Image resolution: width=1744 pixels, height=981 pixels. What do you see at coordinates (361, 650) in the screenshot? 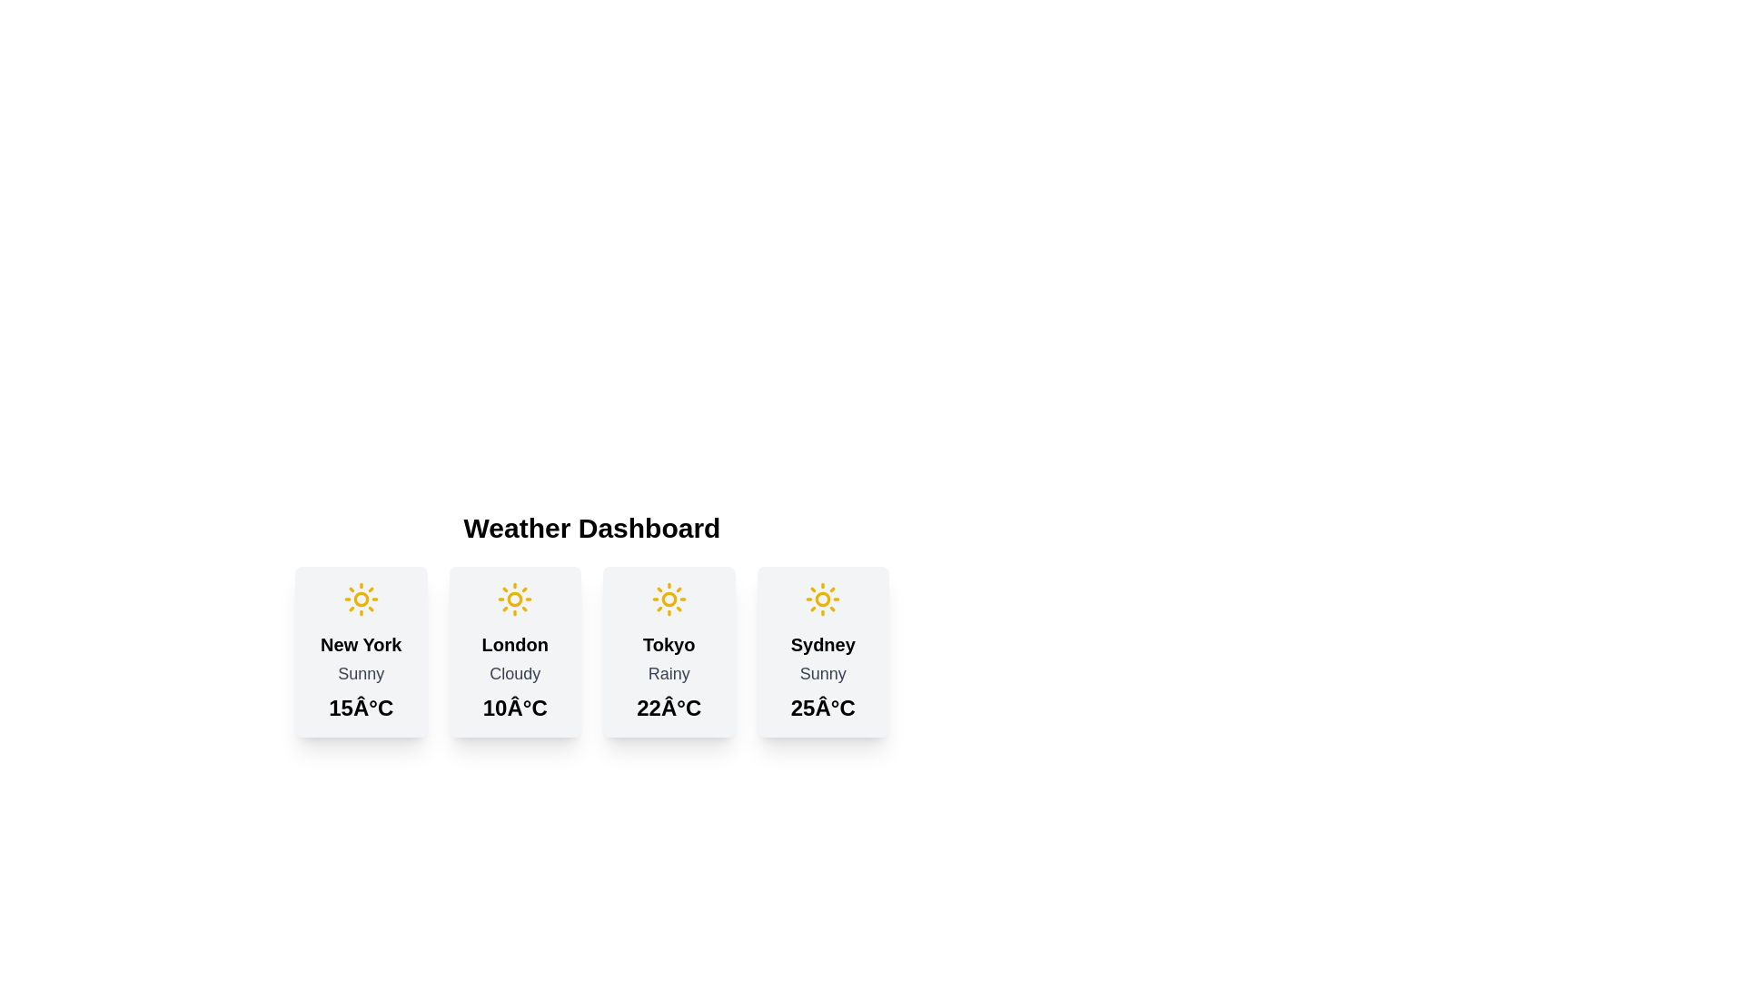
I see `the weather forecast information displayed on the leftmost weather forecast card in the grid layout` at bounding box center [361, 650].